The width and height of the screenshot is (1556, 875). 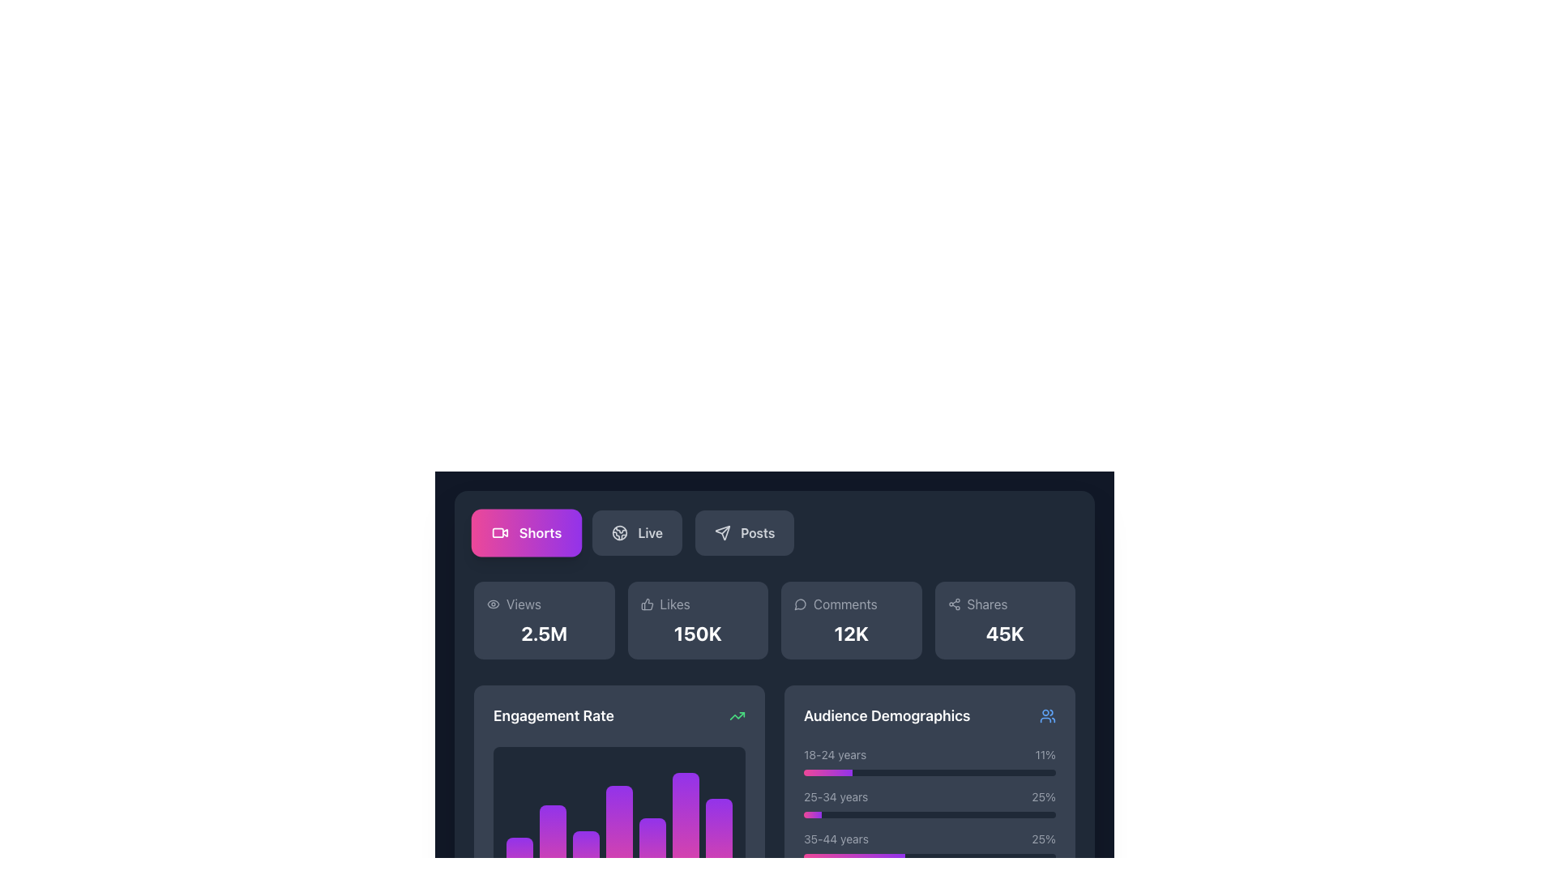 I want to click on the Data Display Card that shows 'Comments' with a value of '12K', located in the third position from the left within a grid layout of similar cards, so click(x=850, y=620).